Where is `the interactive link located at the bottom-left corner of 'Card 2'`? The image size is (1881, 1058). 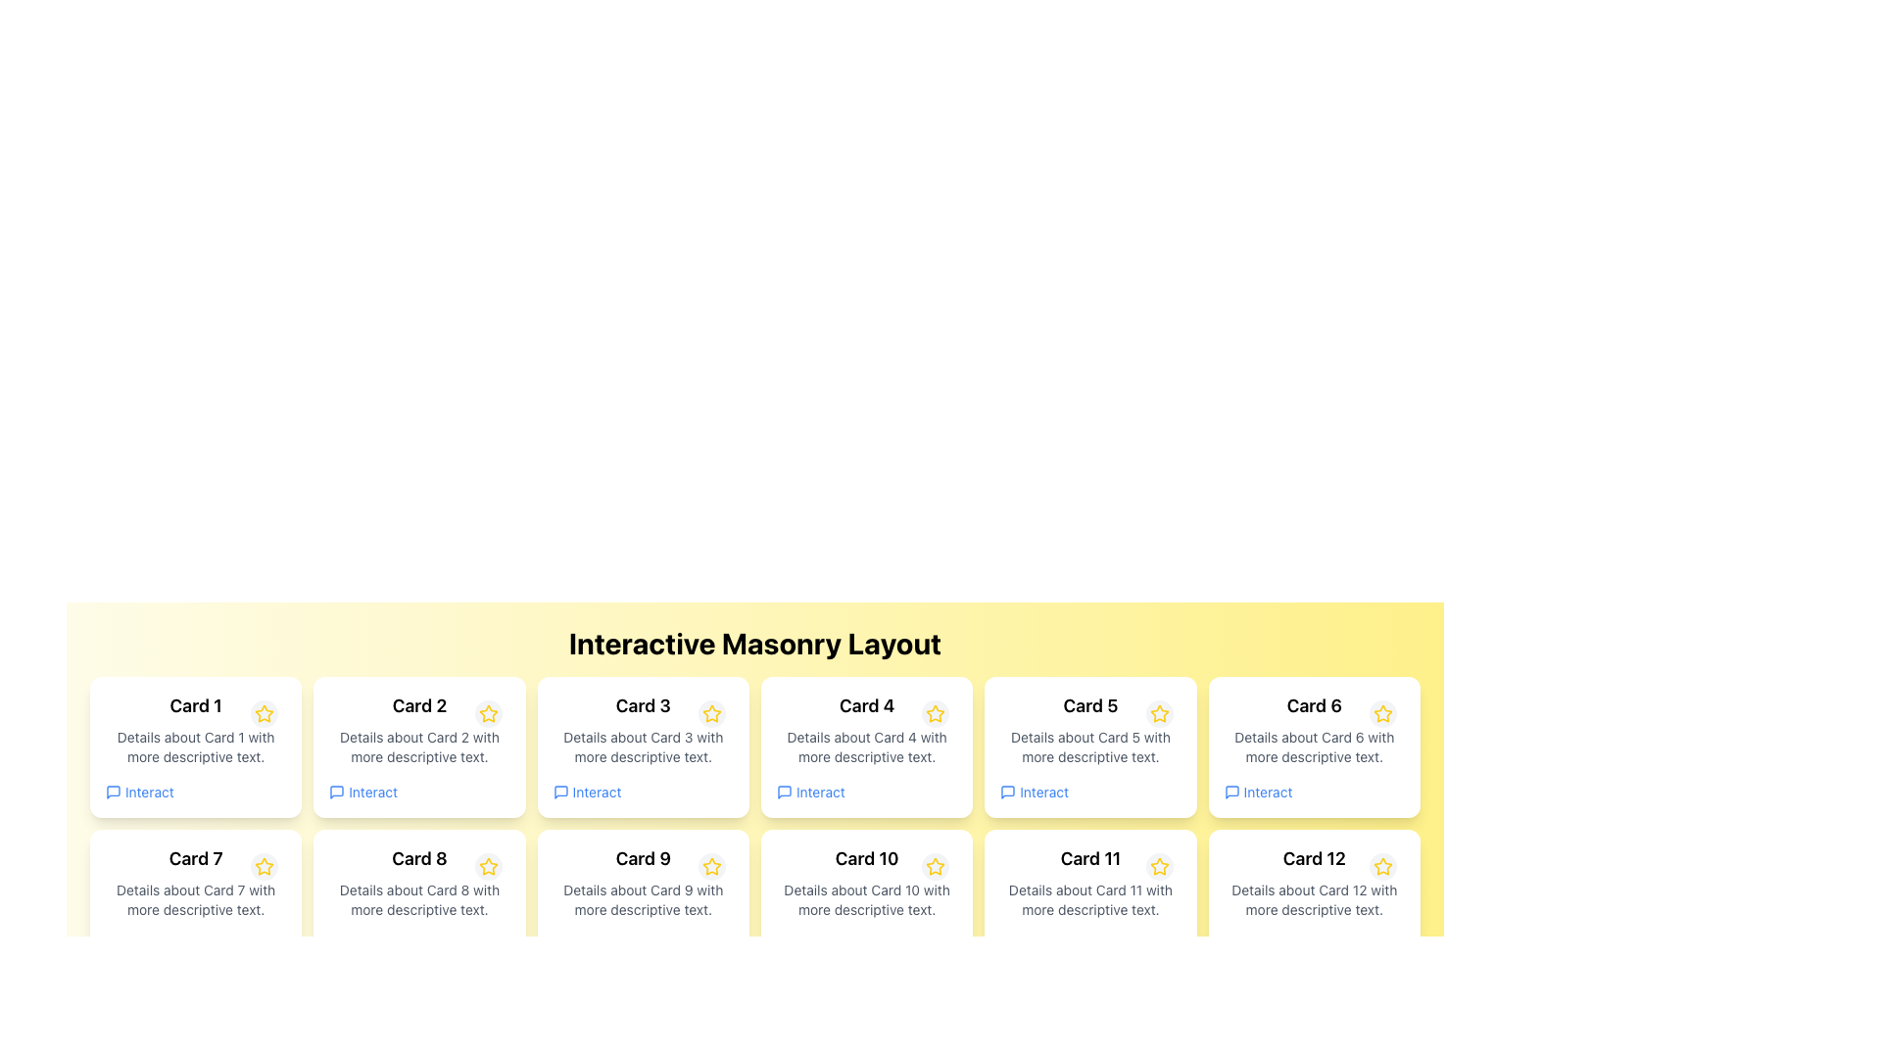
the interactive link located at the bottom-left corner of 'Card 2' is located at coordinates (363, 792).